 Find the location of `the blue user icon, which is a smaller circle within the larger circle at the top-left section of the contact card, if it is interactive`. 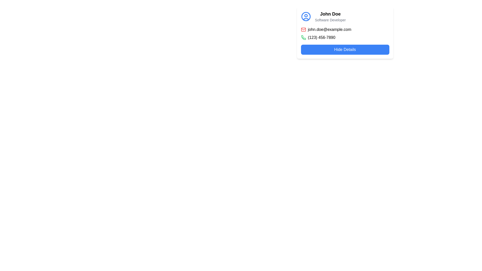

the blue user icon, which is a smaller circle within the larger circle at the top-left section of the contact card, if it is interactive is located at coordinates (306, 15).